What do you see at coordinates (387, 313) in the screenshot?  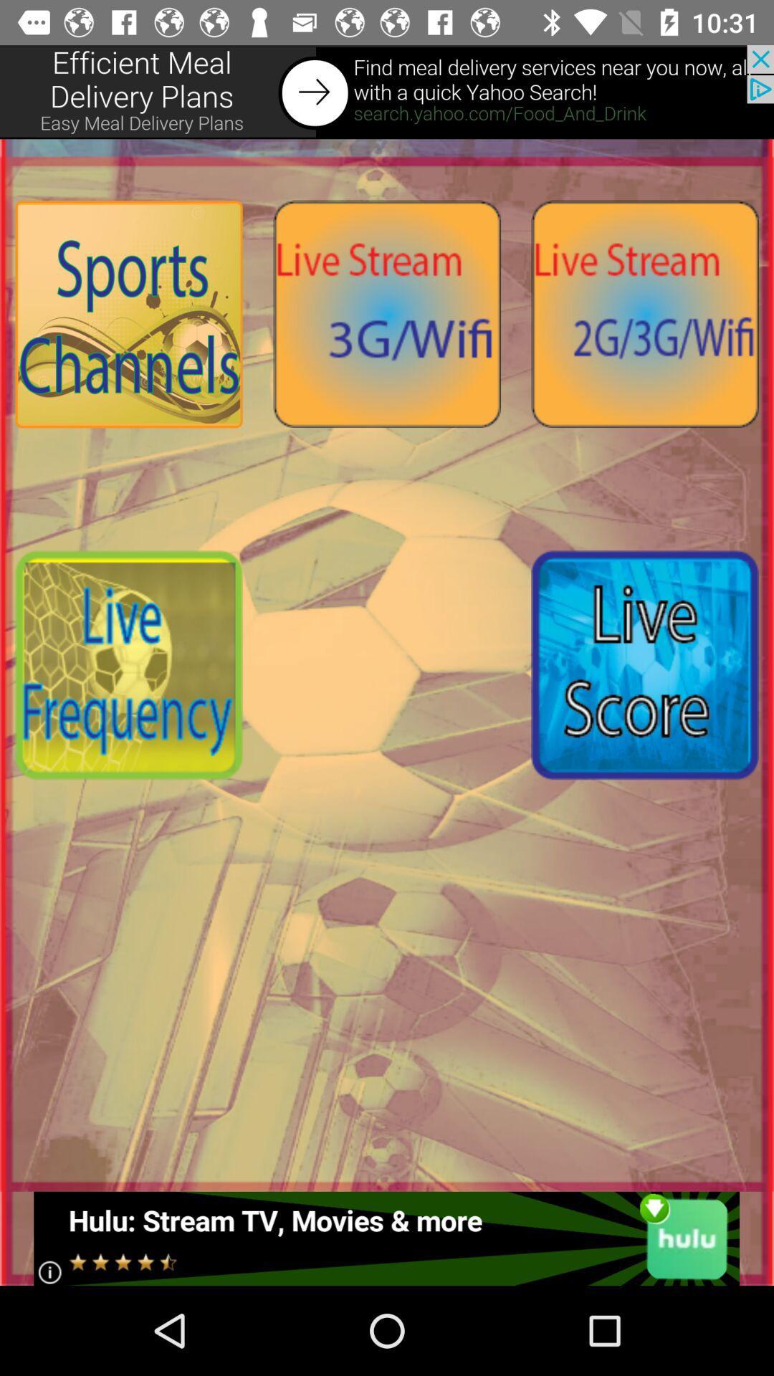 I see `connectivity toggle` at bounding box center [387, 313].